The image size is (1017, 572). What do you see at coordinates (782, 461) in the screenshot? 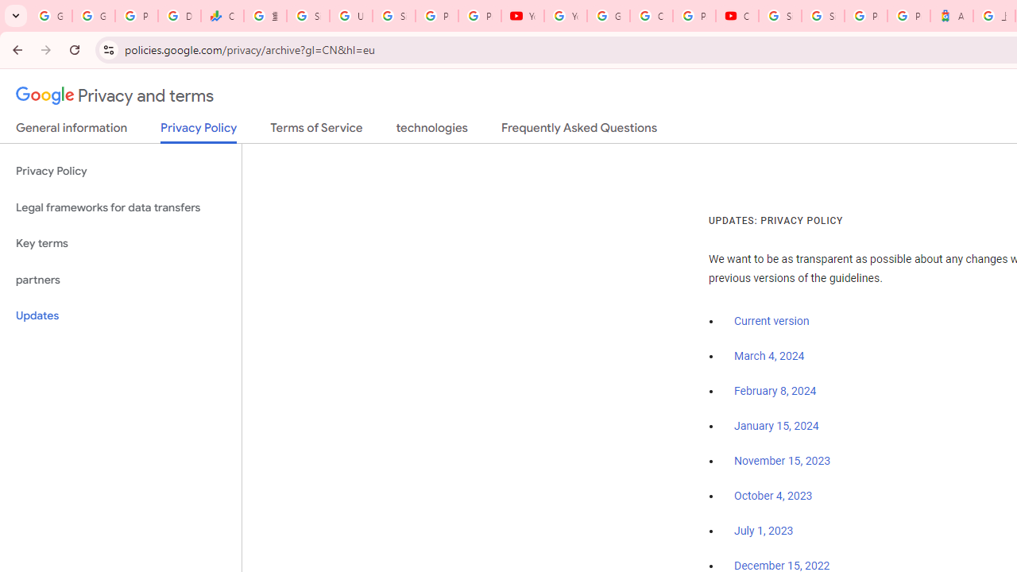
I see `'November 15, 2023'` at bounding box center [782, 461].